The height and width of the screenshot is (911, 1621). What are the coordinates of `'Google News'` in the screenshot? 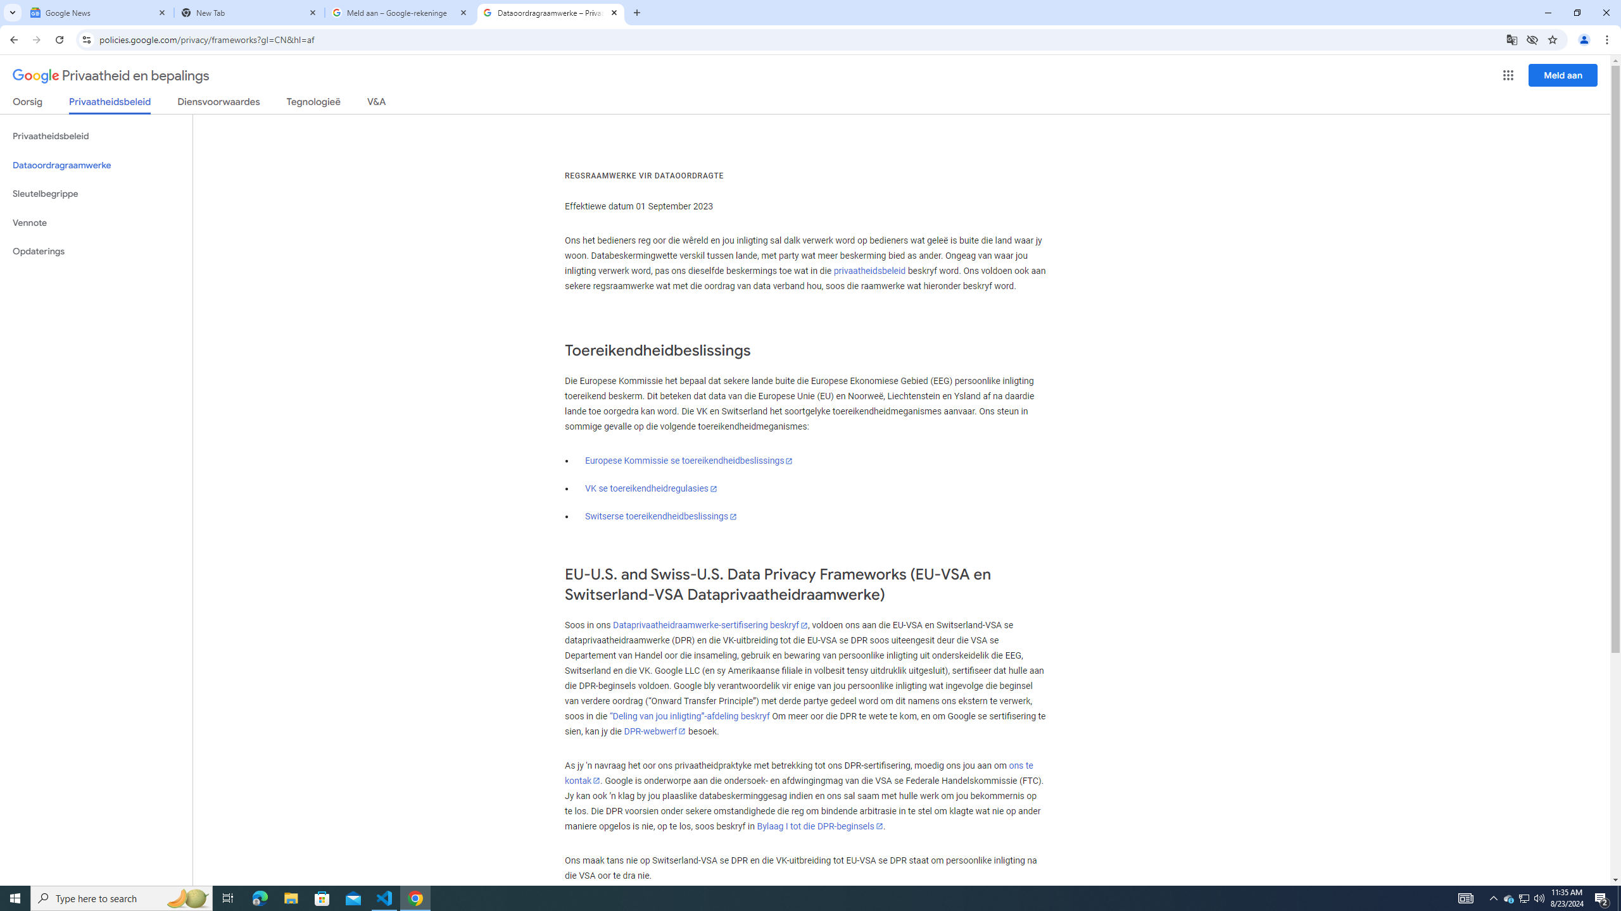 It's located at (98, 12).